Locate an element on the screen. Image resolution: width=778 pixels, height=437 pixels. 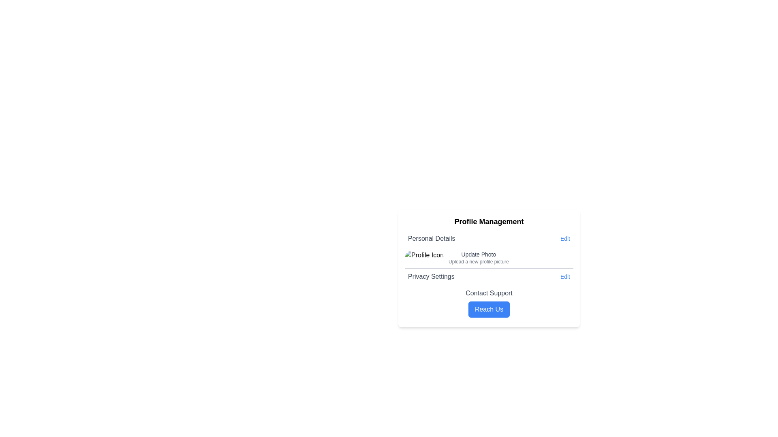
the informational text label stating 'Upload a new profile picture', which is positioned directly below the bold label 'Update Photo' in the 'Profile Icon' section of the profile management card is located at coordinates (479, 262).